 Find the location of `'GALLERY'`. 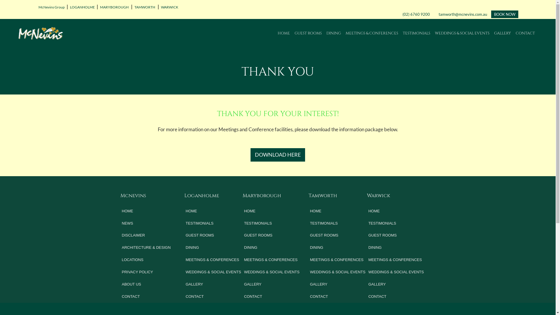

'GALLERY' is located at coordinates (366, 284).